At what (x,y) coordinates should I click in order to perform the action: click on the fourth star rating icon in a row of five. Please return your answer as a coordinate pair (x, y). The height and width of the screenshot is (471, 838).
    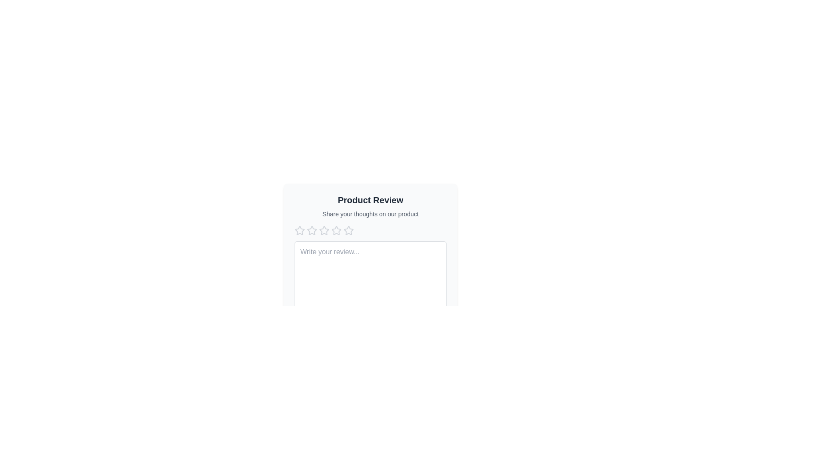
    Looking at the image, I should click on (324, 230).